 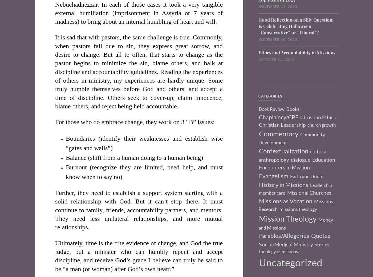 What do you see at coordinates (283, 150) in the screenshot?
I see `'Contextualization'` at bounding box center [283, 150].